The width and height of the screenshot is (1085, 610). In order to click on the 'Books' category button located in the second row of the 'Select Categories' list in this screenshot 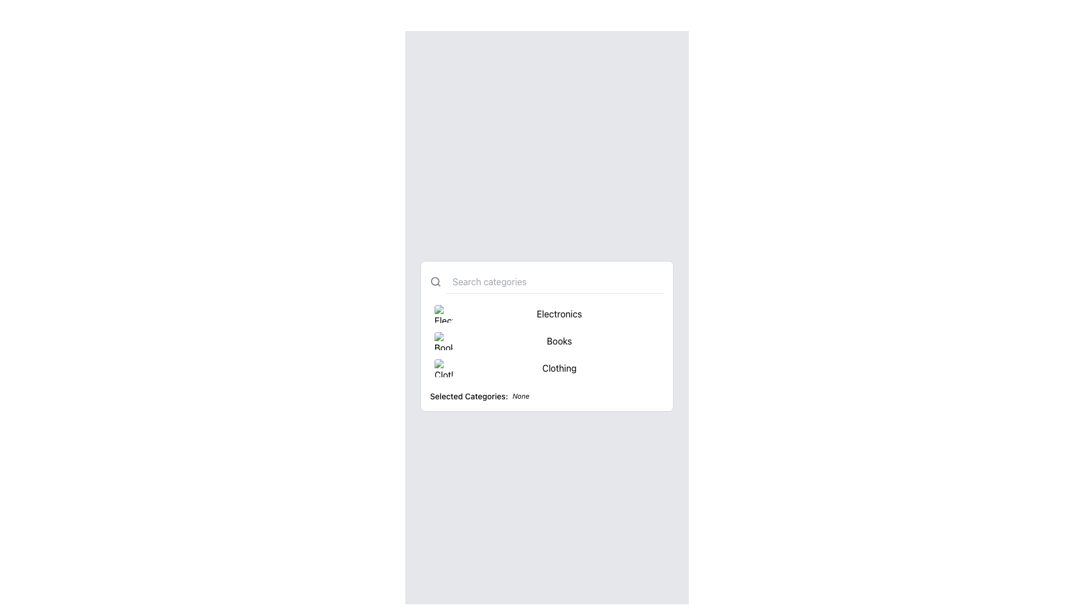, I will do `click(547, 339)`.